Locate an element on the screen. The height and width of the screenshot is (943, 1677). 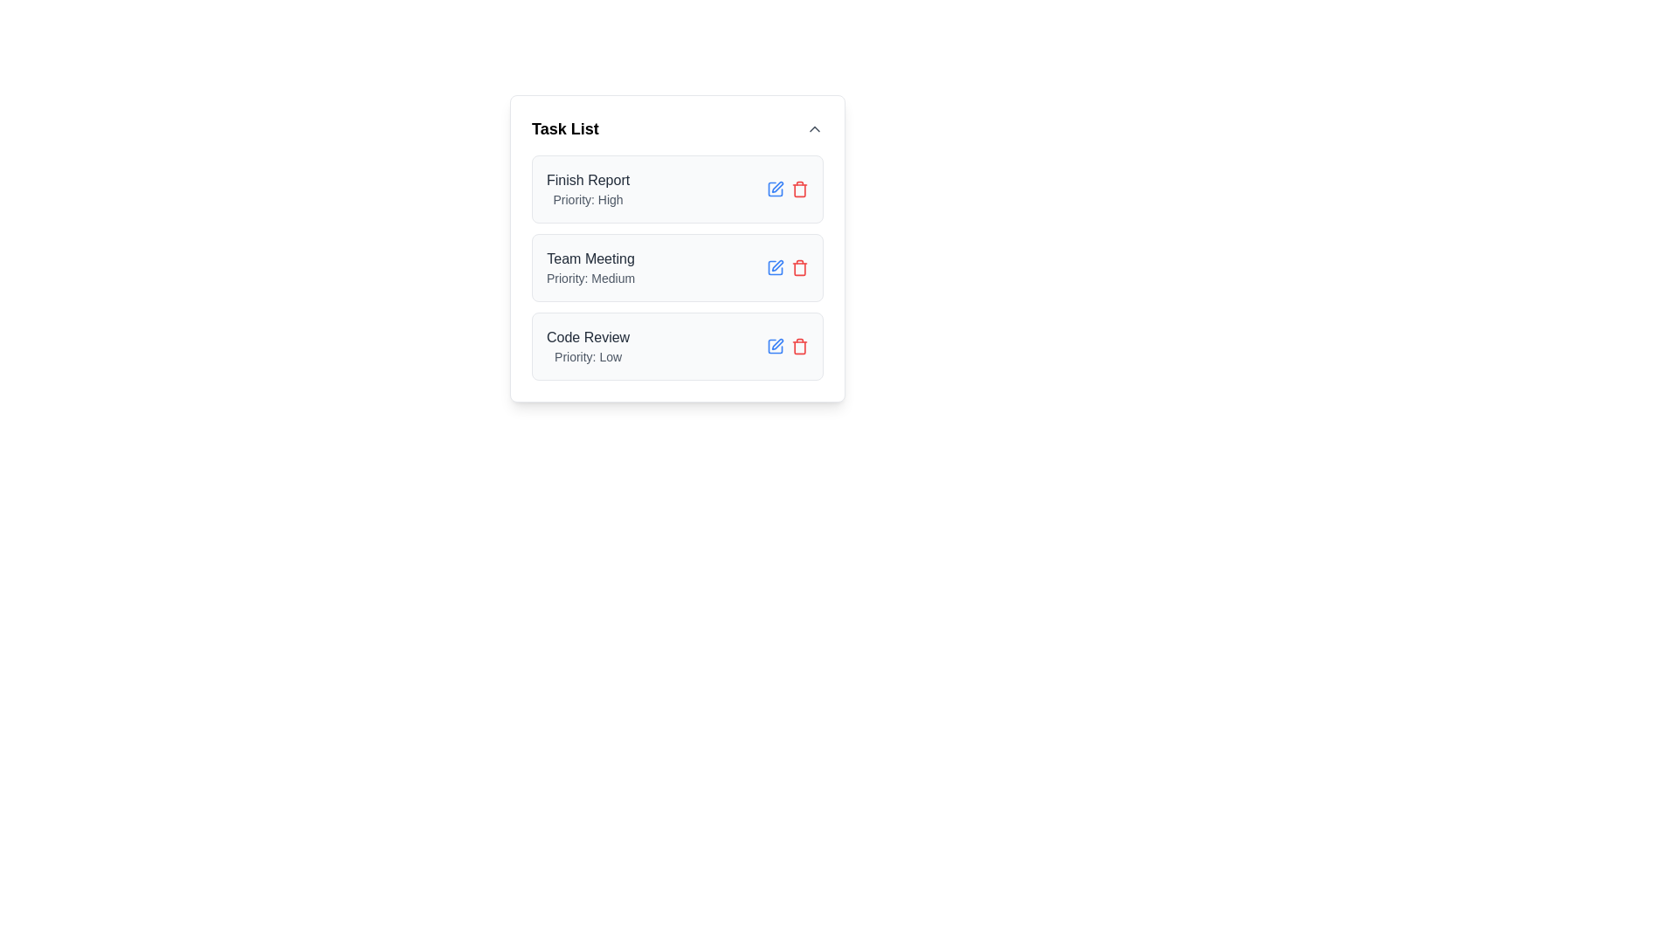
the button in the top-right corner of the 'Task List' section is located at coordinates (813, 127).